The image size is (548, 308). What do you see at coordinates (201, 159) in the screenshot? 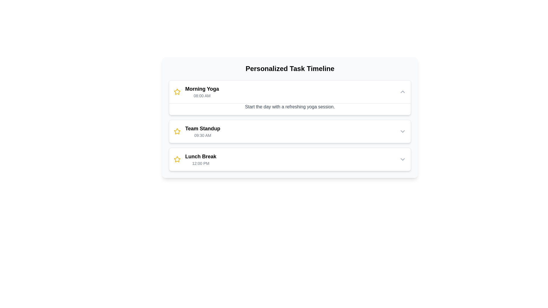
I see `text content displayed in the 'Lunch Break' text block, which shows 'Lunch Break' in bold and '12:00 PM' in gray, located at the bottom of the task list` at bounding box center [201, 159].